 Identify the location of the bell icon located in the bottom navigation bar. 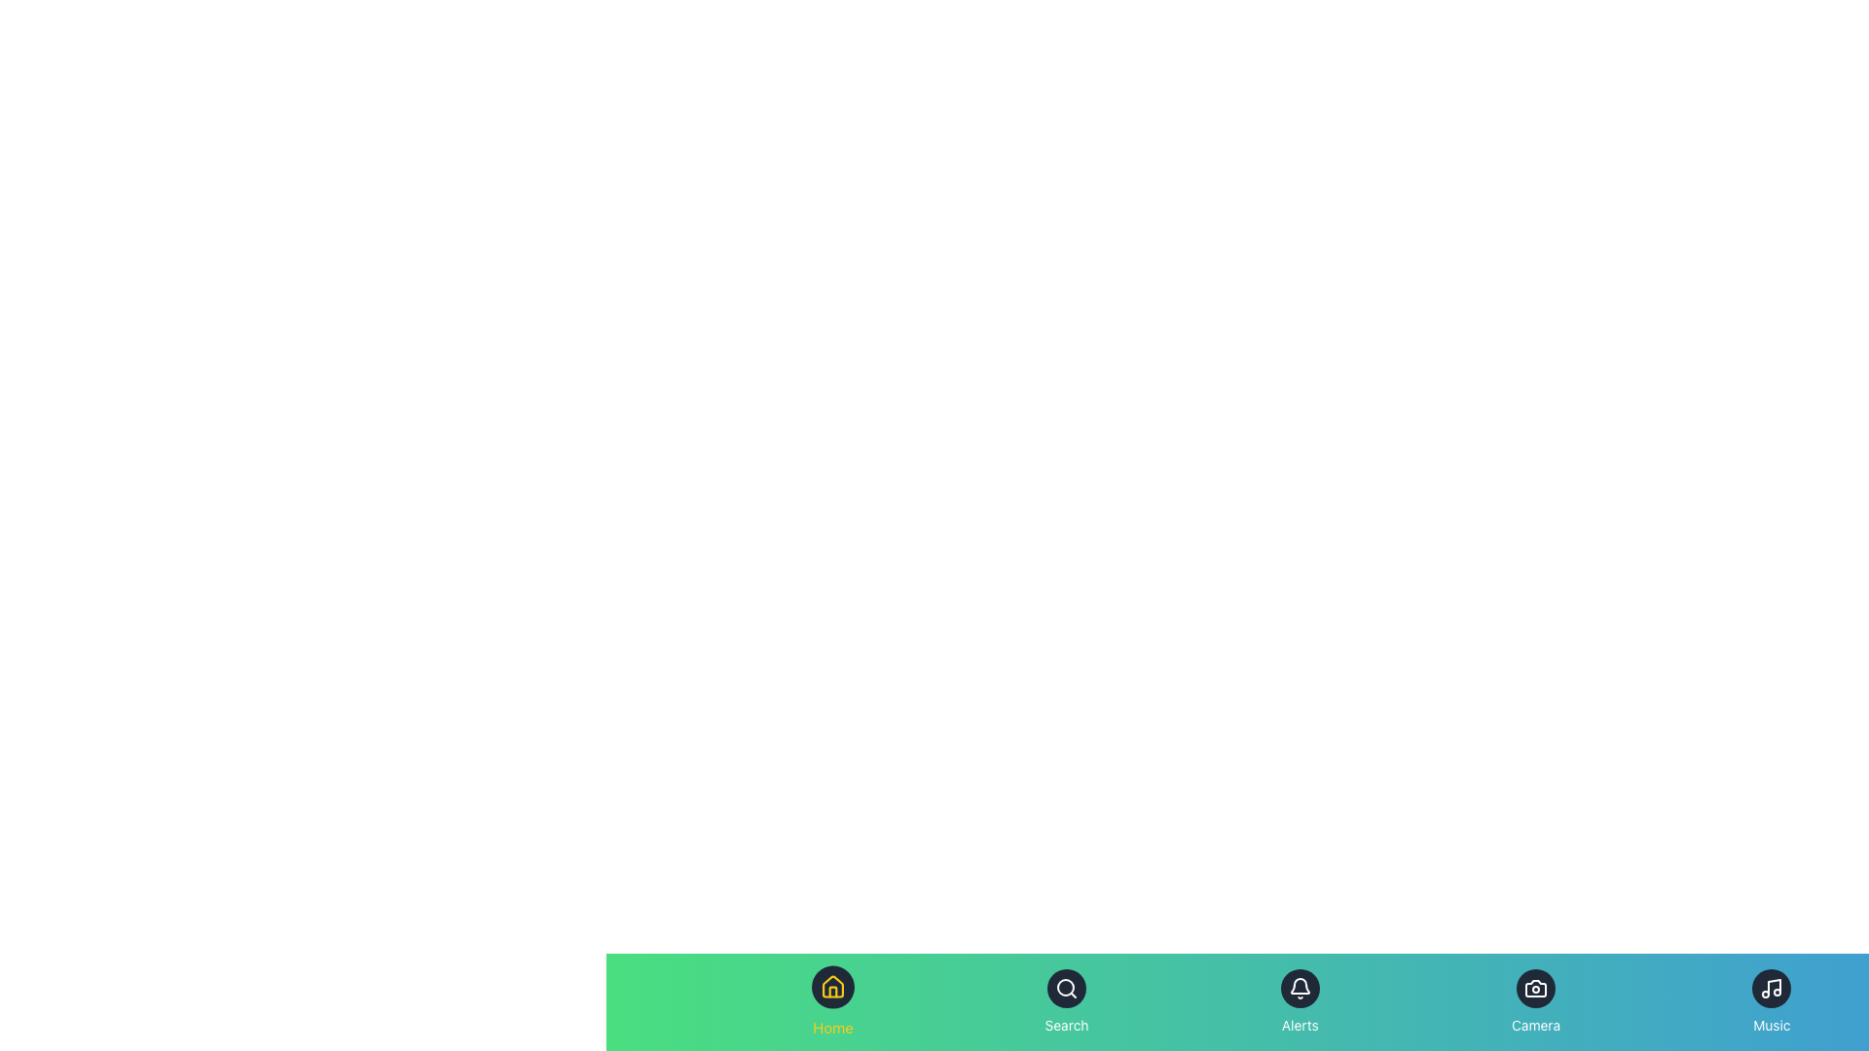
(1300, 988).